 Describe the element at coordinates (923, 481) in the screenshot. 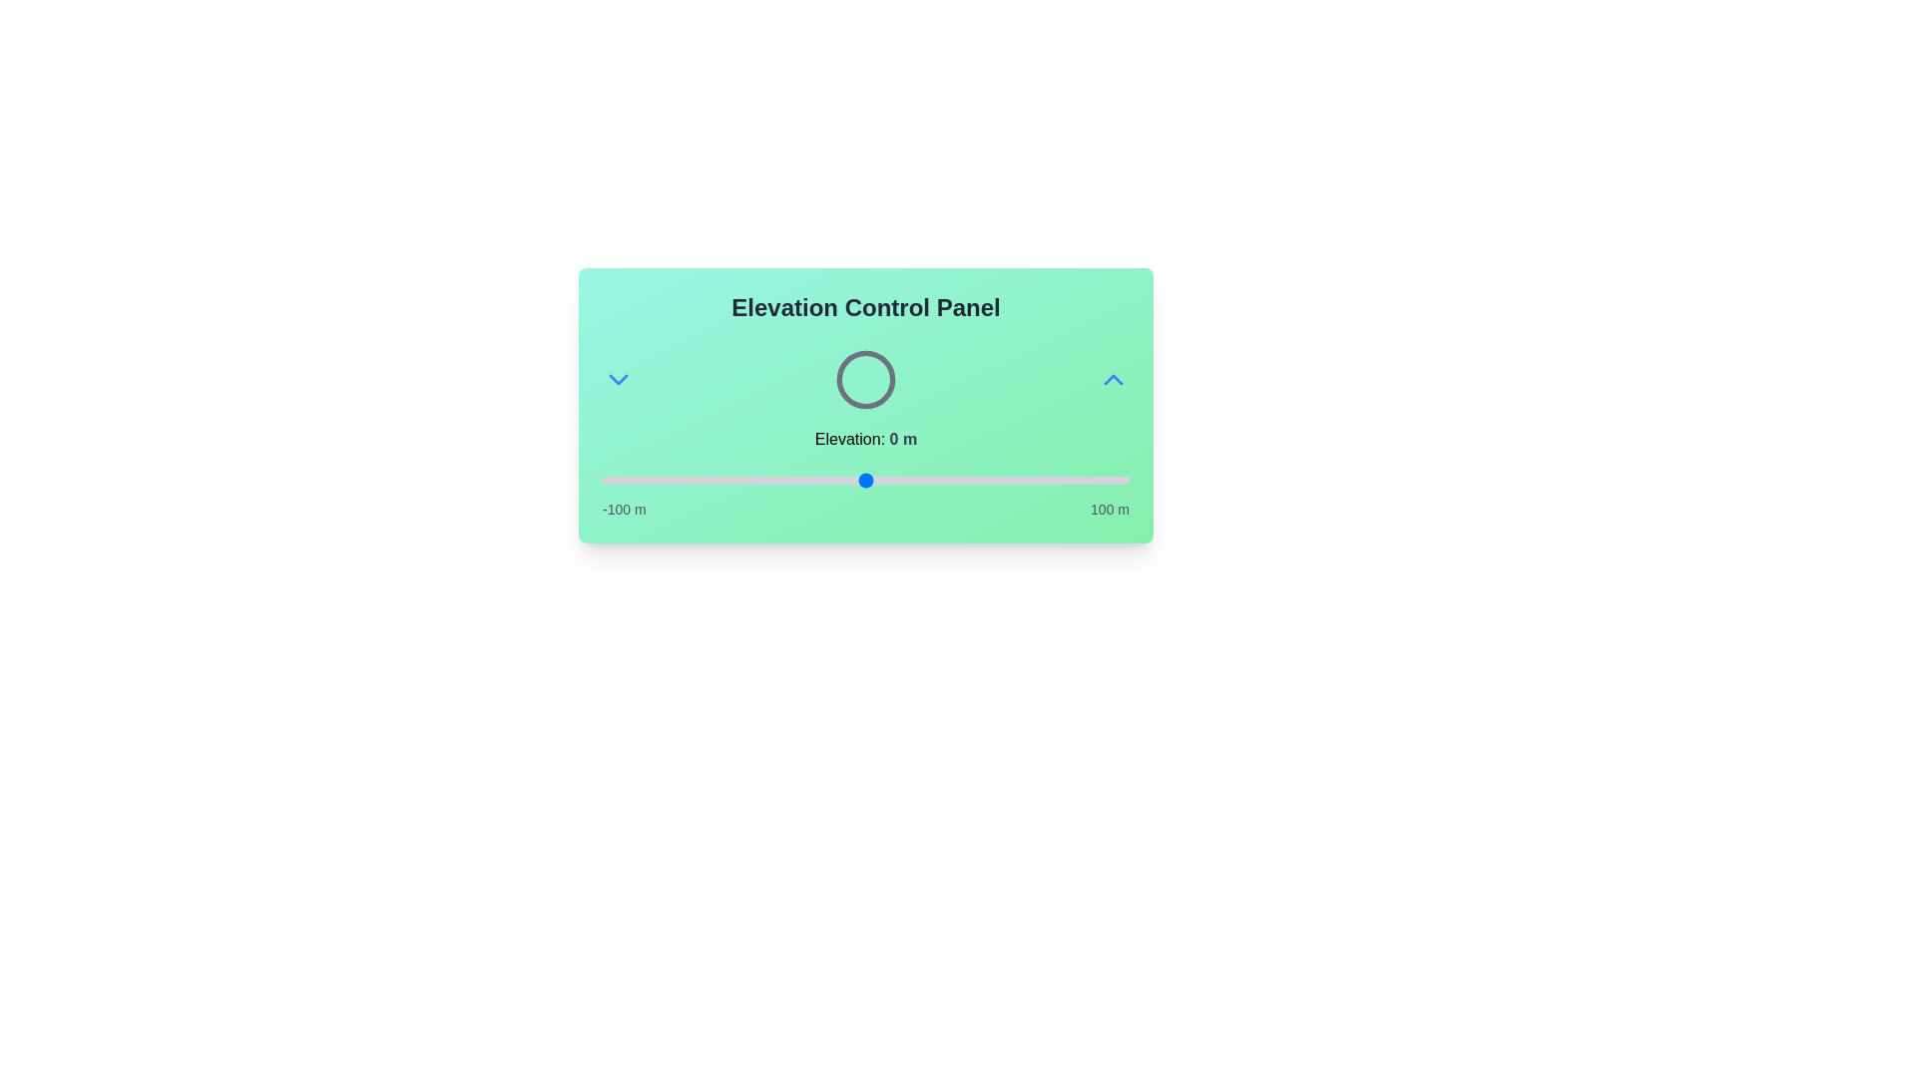

I see `the elevation to 22 meters using the slider` at that location.